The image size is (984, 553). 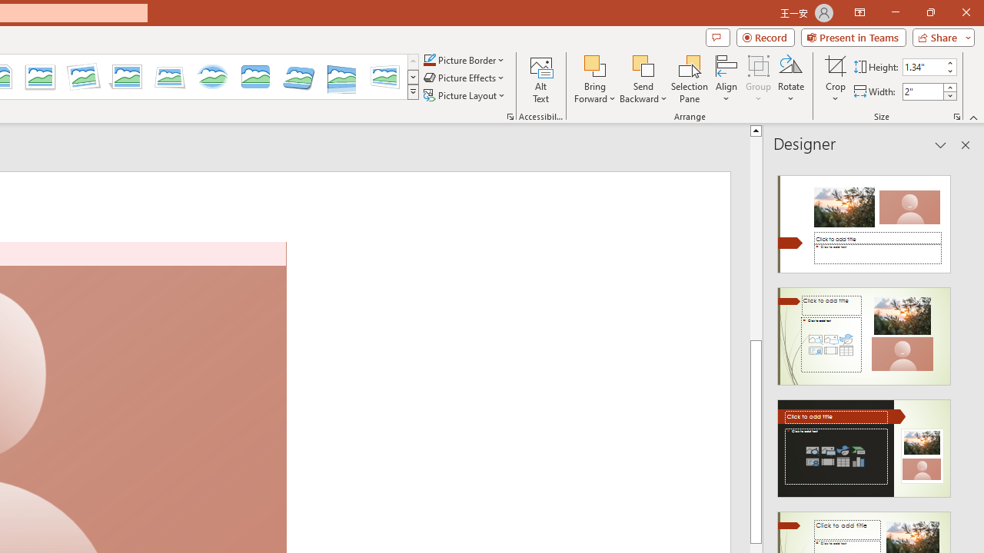 What do you see at coordinates (465, 95) in the screenshot?
I see `'Picture Layout'` at bounding box center [465, 95].